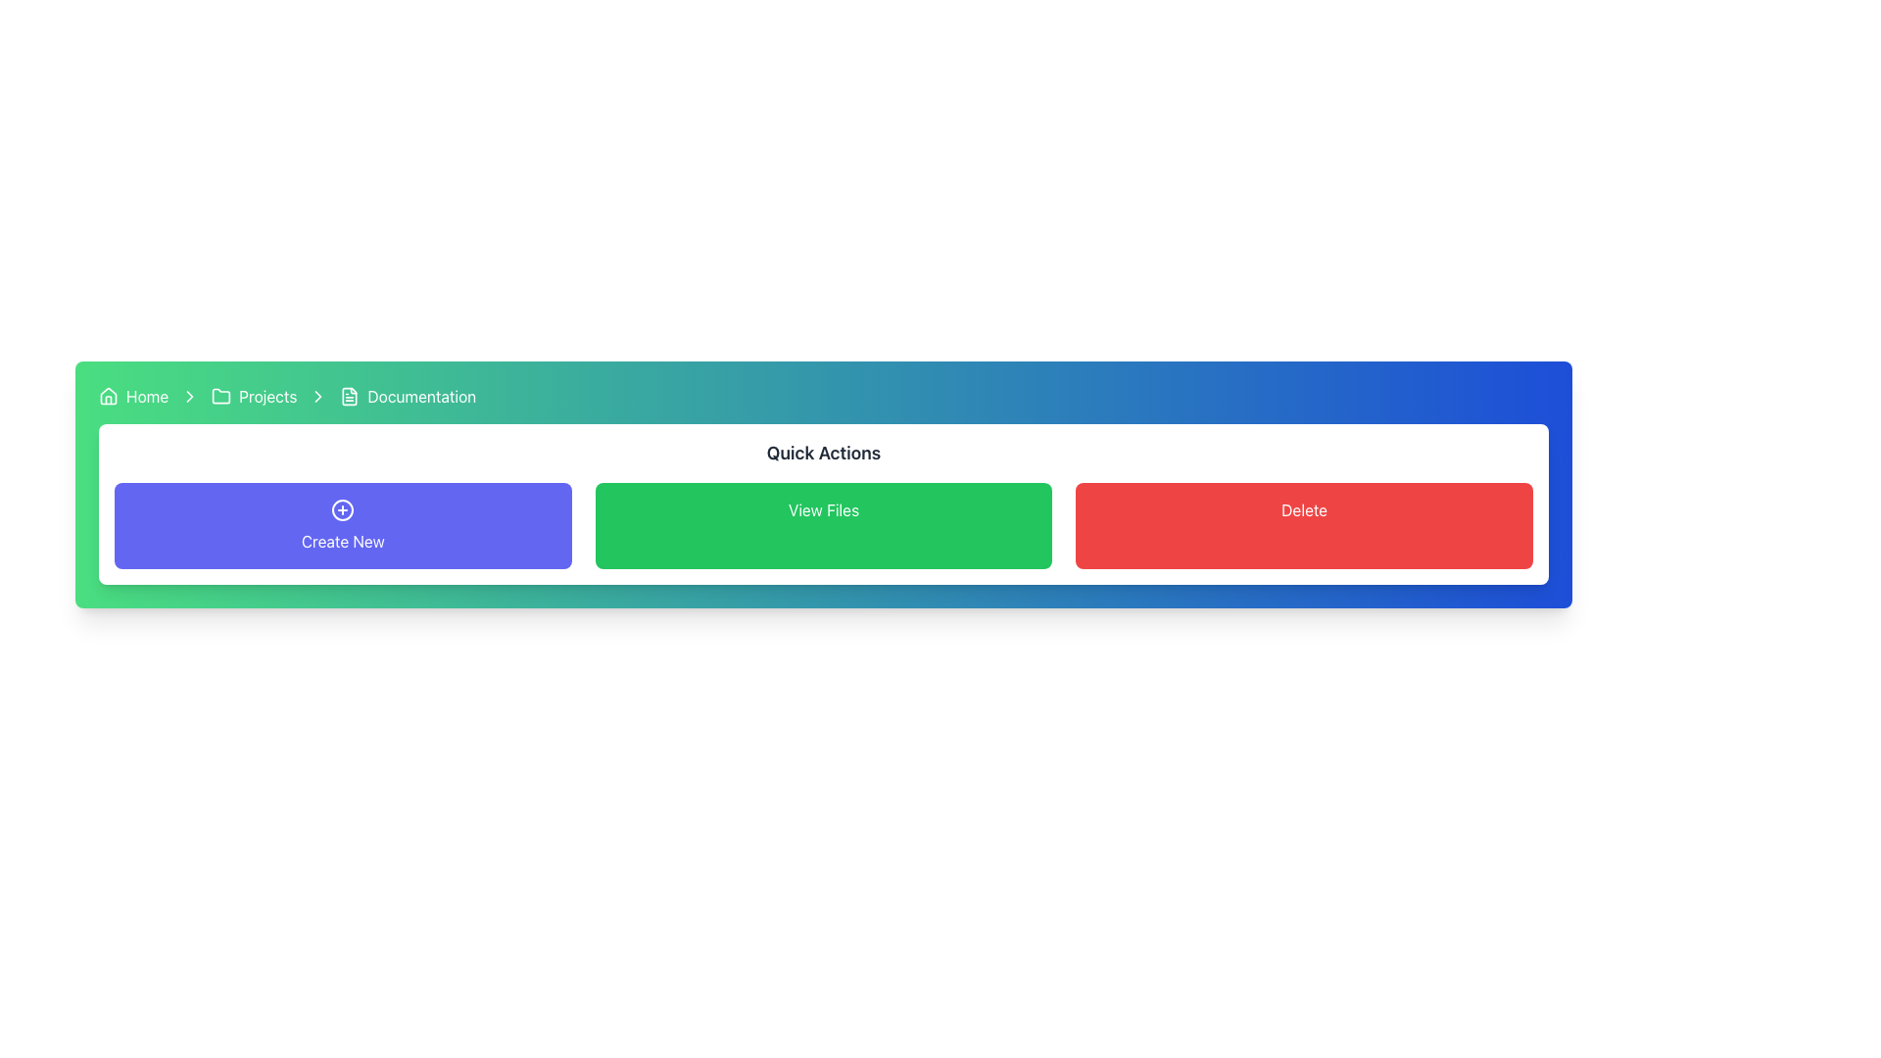 The height and width of the screenshot is (1058, 1881). What do you see at coordinates (146, 397) in the screenshot?
I see `the 'Home' text label in the green navigation bar` at bounding box center [146, 397].